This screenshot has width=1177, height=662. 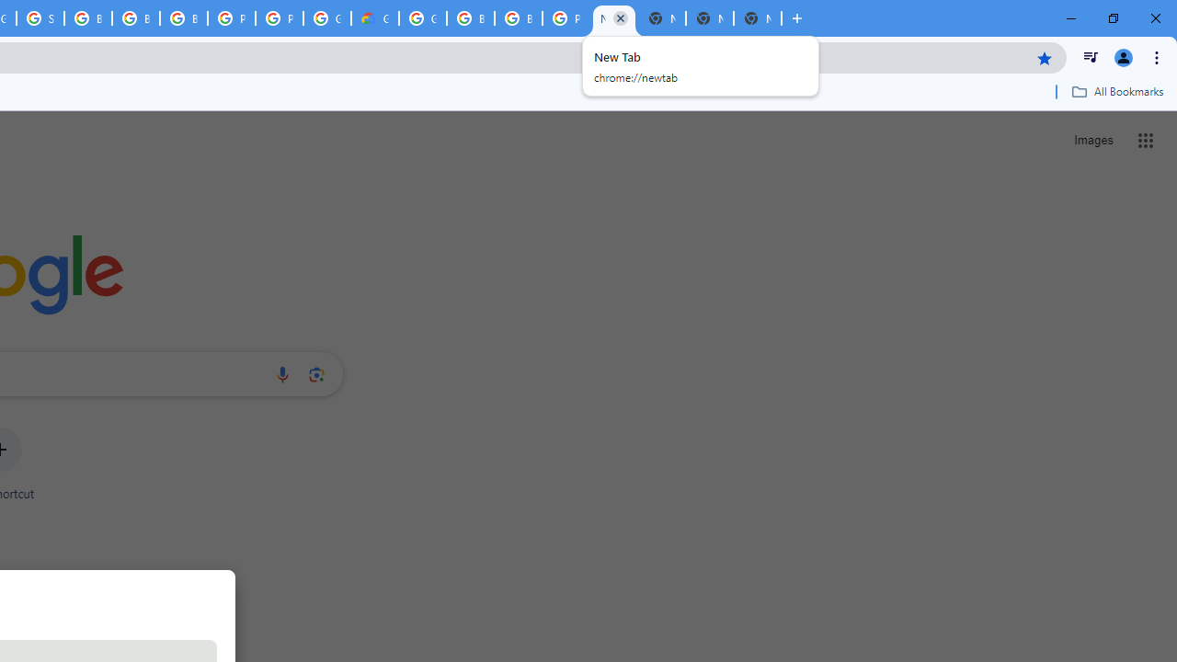 What do you see at coordinates (1116, 91) in the screenshot?
I see `'All Bookmarks'` at bounding box center [1116, 91].